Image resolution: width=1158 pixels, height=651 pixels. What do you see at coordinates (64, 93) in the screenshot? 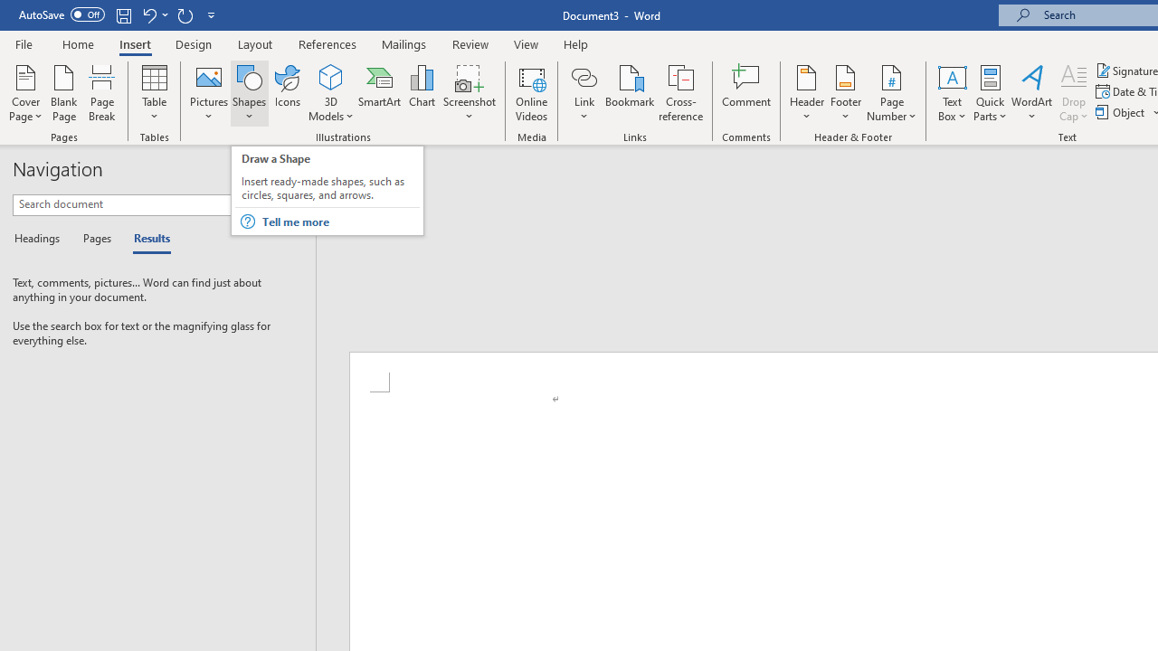
I see `'Blank Page'` at bounding box center [64, 93].